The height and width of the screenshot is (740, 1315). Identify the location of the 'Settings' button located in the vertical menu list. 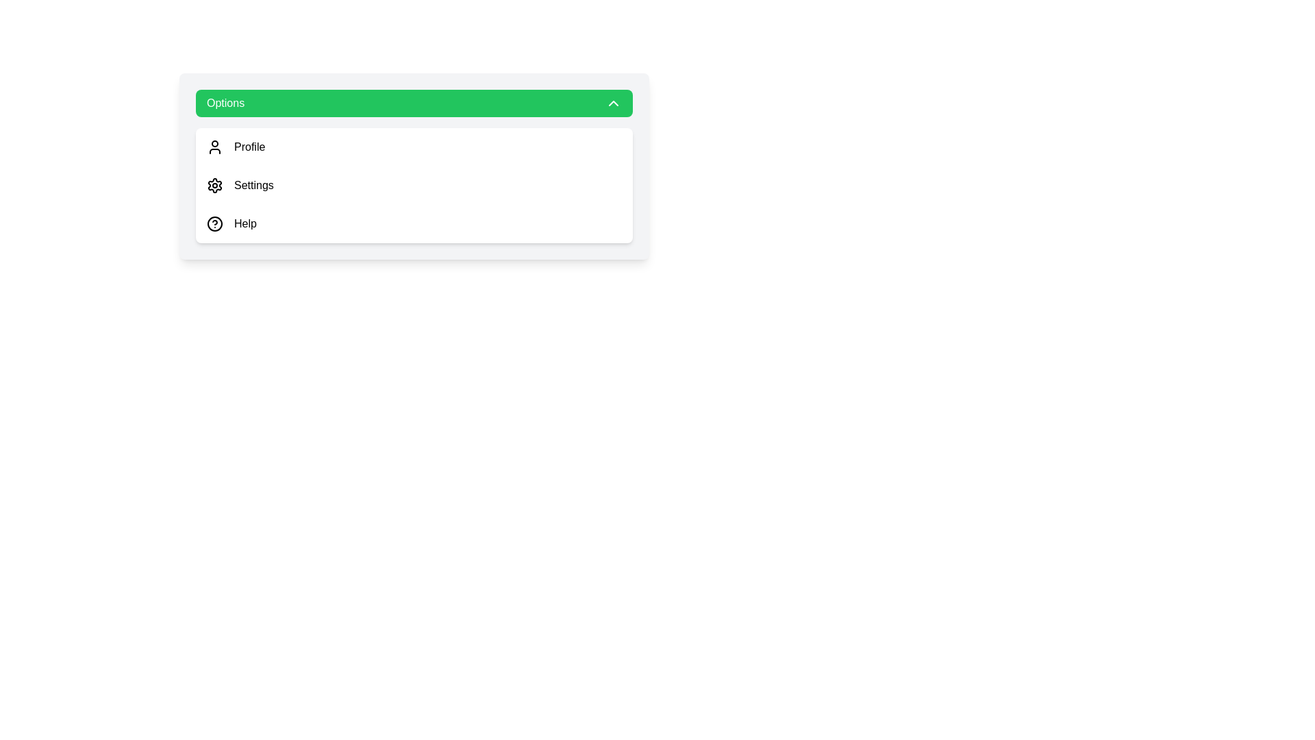
(413, 185).